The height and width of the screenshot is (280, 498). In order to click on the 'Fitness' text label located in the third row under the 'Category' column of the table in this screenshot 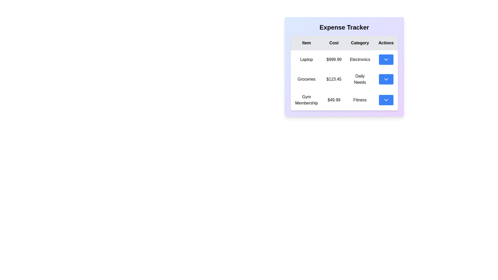, I will do `click(359, 100)`.